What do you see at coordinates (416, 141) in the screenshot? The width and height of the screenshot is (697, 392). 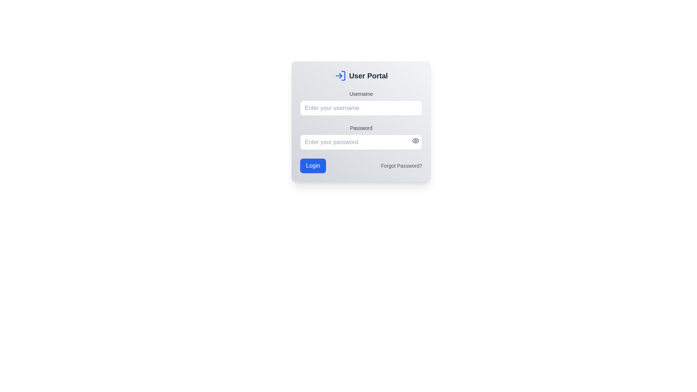 I see `the password visibility toggle icon located in the bottom-right corner of the password input box` at bounding box center [416, 141].